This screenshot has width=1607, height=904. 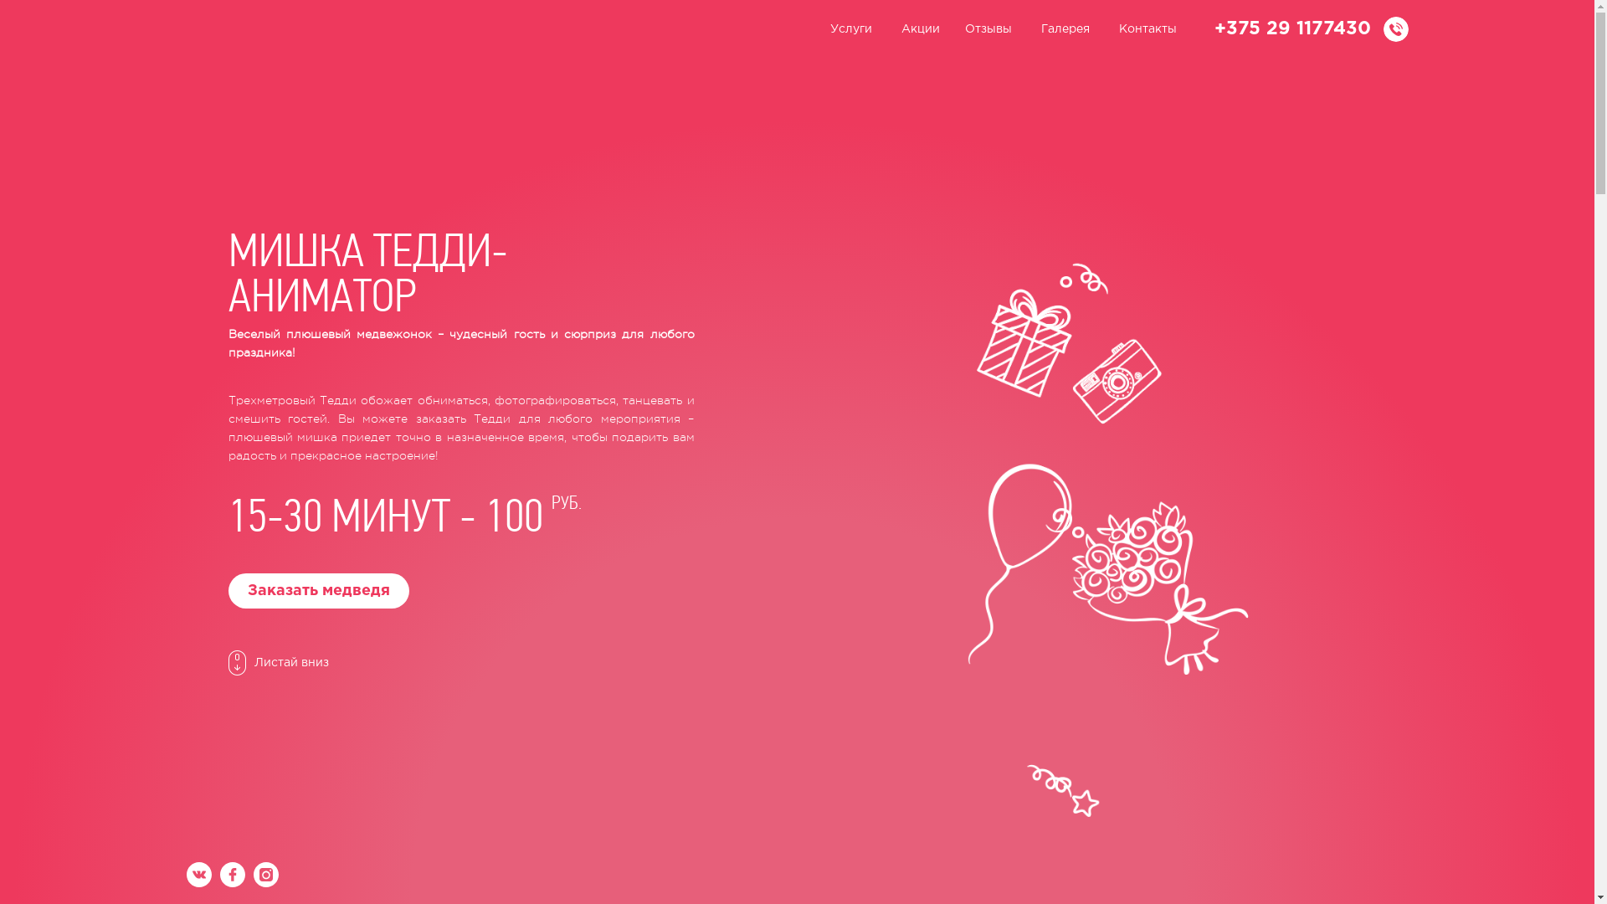 What do you see at coordinates (1291, 28) in the screenshot?
I see `'+375 29 1177430'` at bounding box center [1291, 28].